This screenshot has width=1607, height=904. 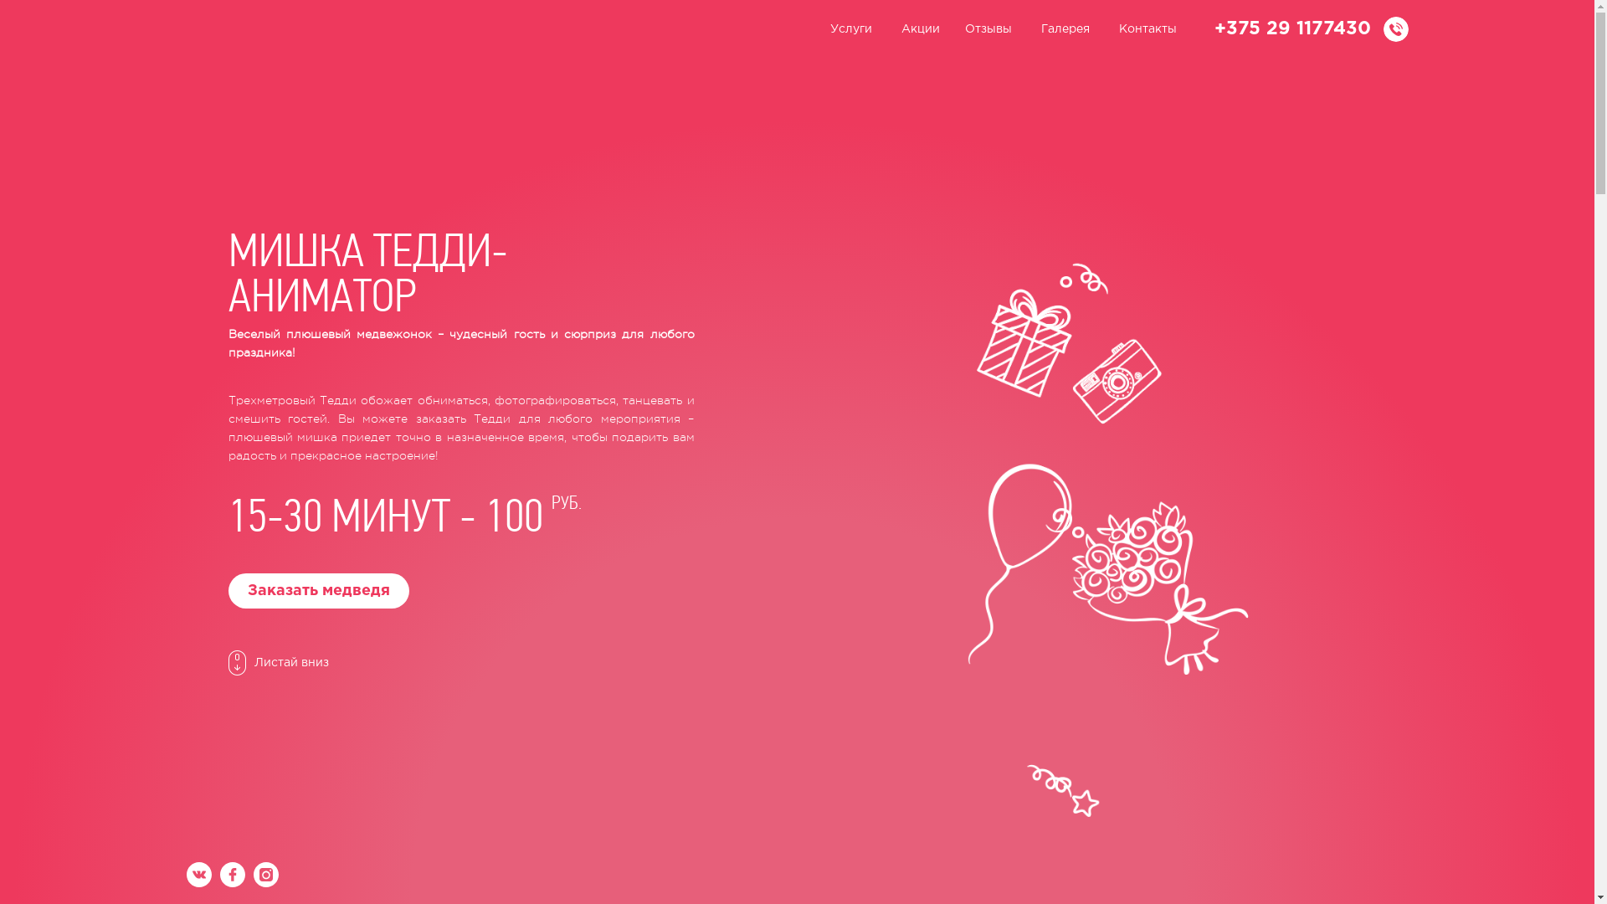 What do you see at coordinates (1291, 28) in the screenshot?
I see `'+375 29 1177430'` at bounding box center [1291, 28].